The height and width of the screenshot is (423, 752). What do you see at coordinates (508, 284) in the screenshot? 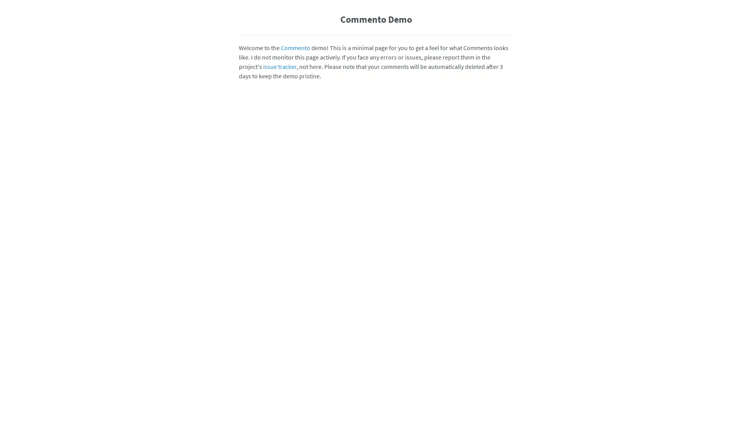
I see `Collapse children` at bounding box center [508, 284].